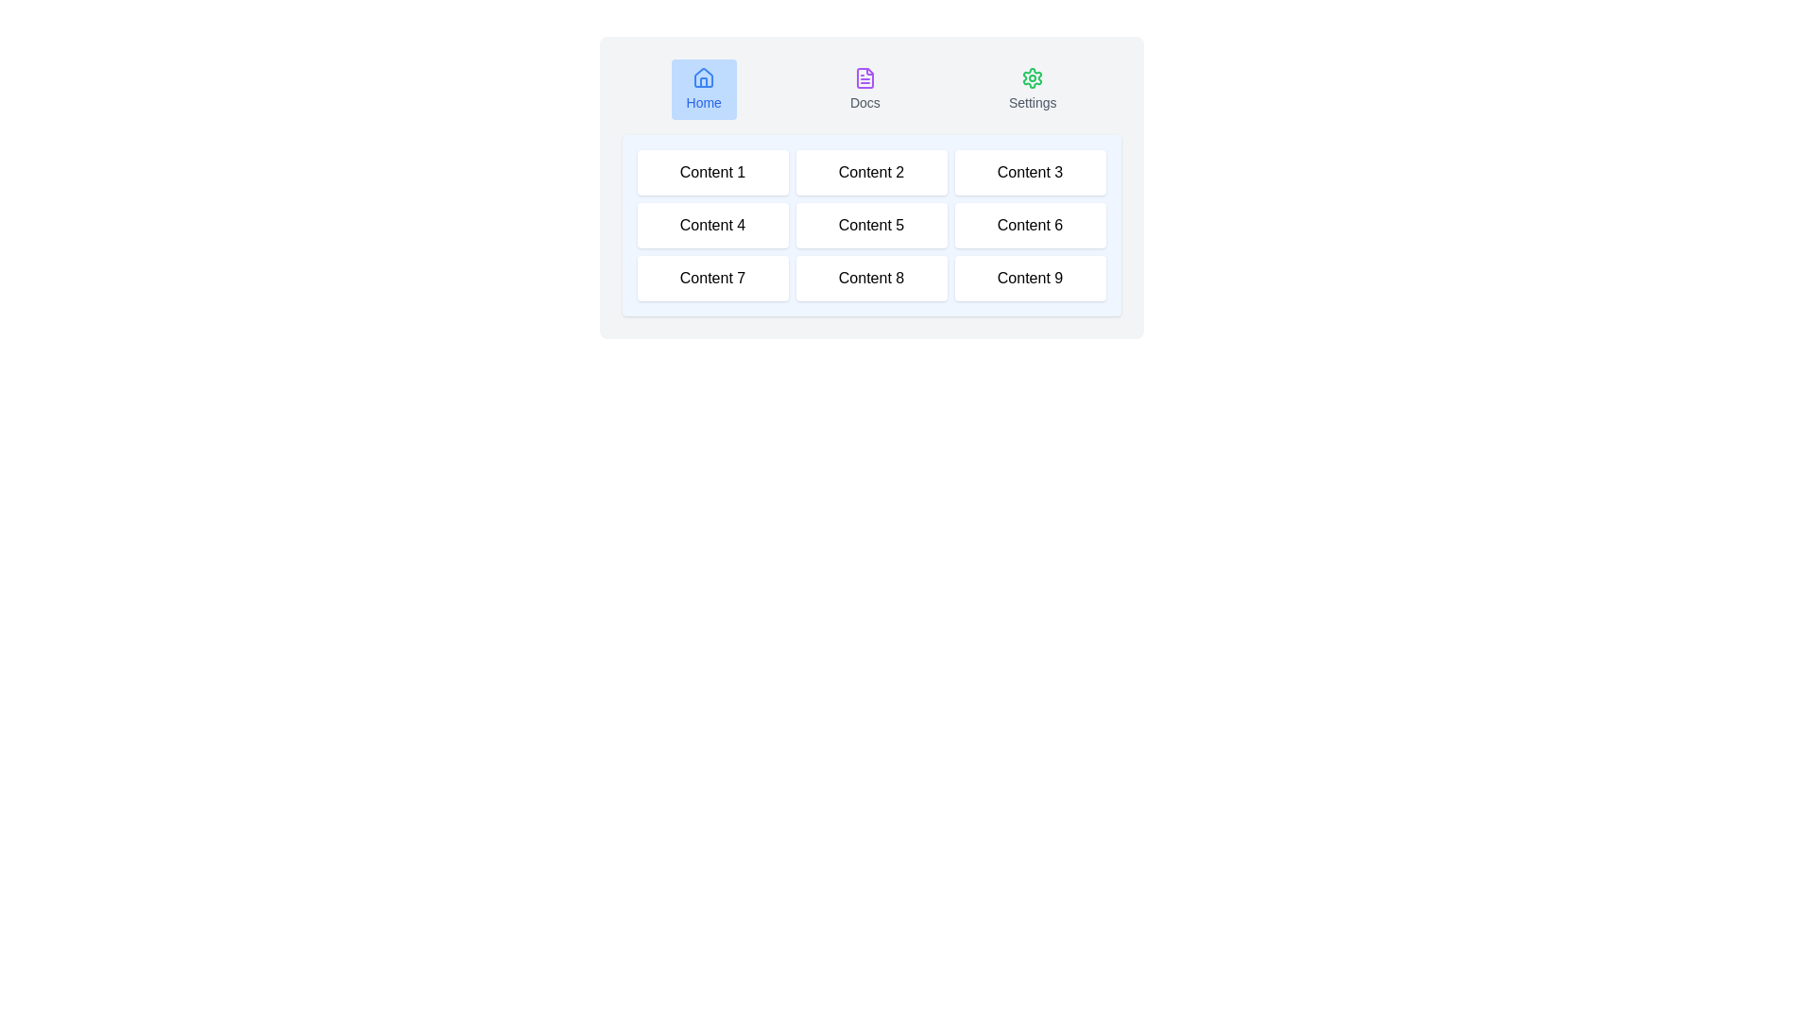 This screenshot has width=1814, height=1020. What do you see at coordinates (864, 90) in the screenshot?
I see `the Docs tab by clicking on its respective button` at bounding box center [864, 90].